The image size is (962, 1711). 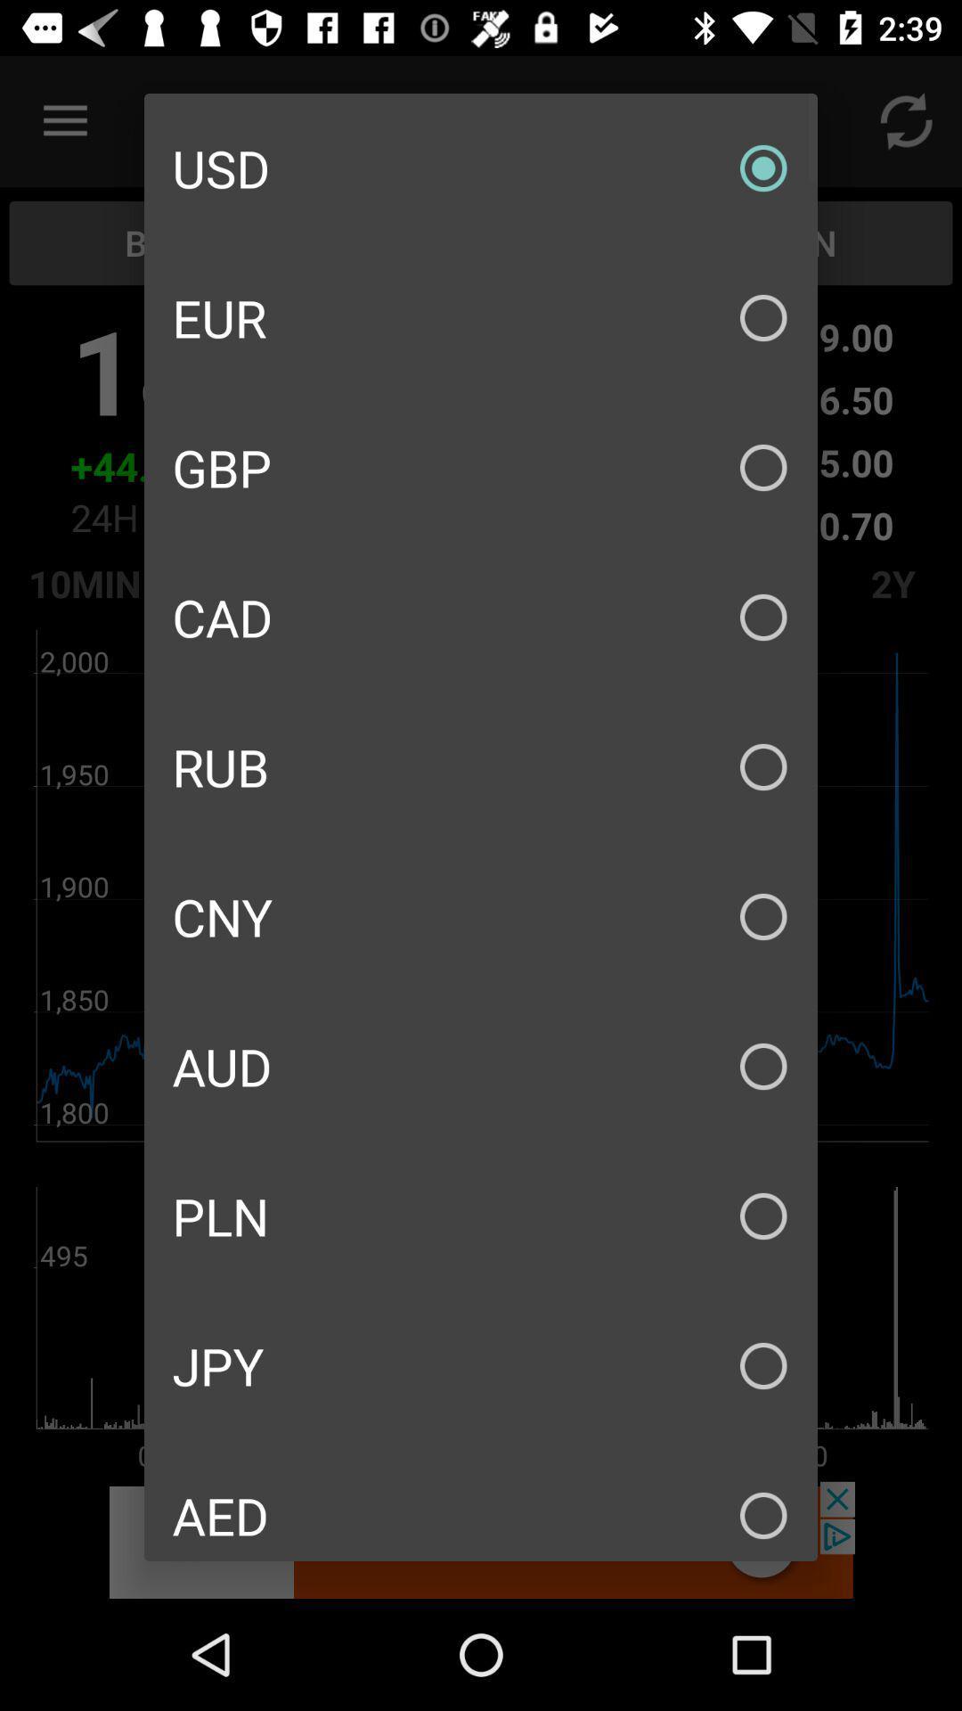 I want to click on the cad icon, so click(x=481, y=617).